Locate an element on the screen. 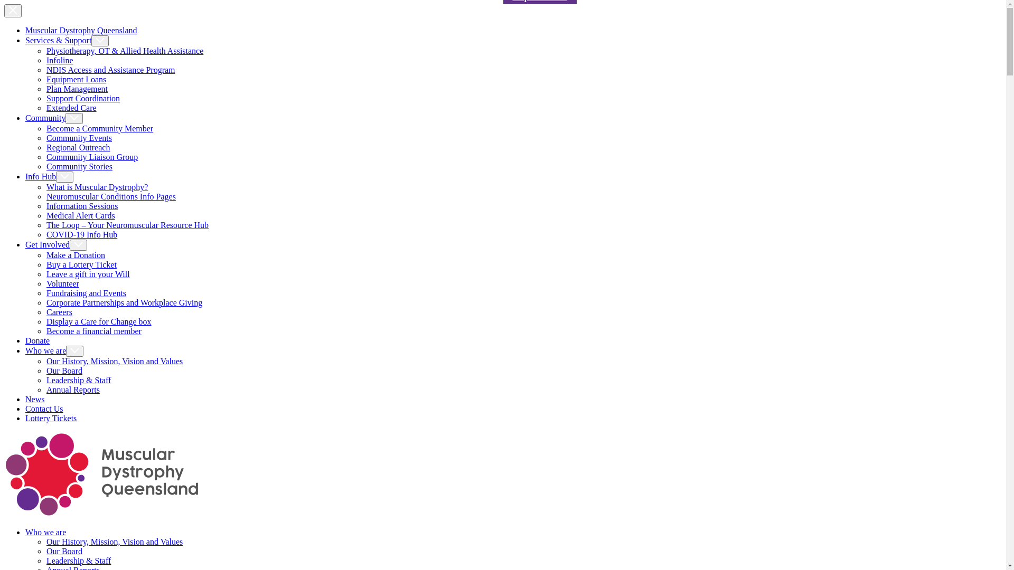 The width and height of the screenshot is (1014, 570). 'Infoline' is located at coordinates (59, 60).